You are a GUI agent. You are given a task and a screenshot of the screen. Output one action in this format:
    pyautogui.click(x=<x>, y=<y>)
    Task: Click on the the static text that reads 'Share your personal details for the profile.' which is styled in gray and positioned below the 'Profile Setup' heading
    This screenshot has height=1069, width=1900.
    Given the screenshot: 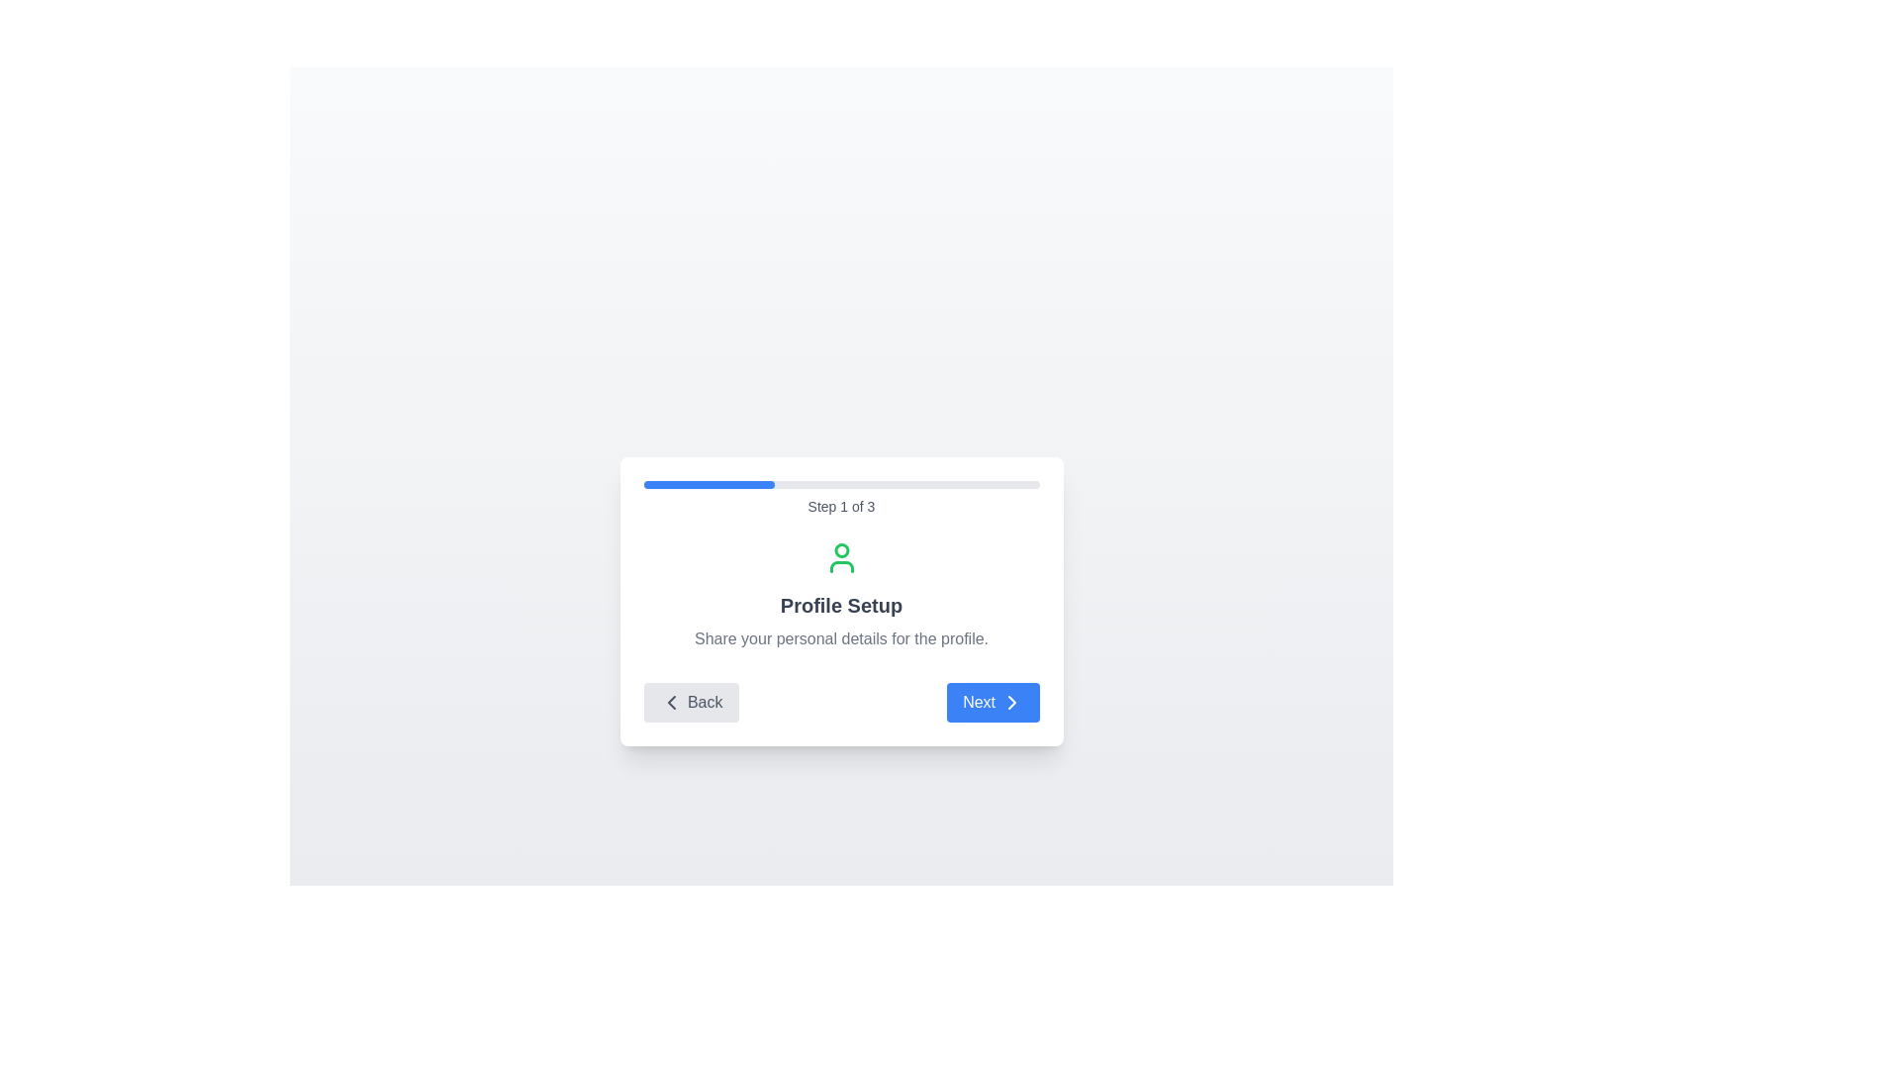 What is the action you would take?
    pyautogui.click(x=841, y=638)
    